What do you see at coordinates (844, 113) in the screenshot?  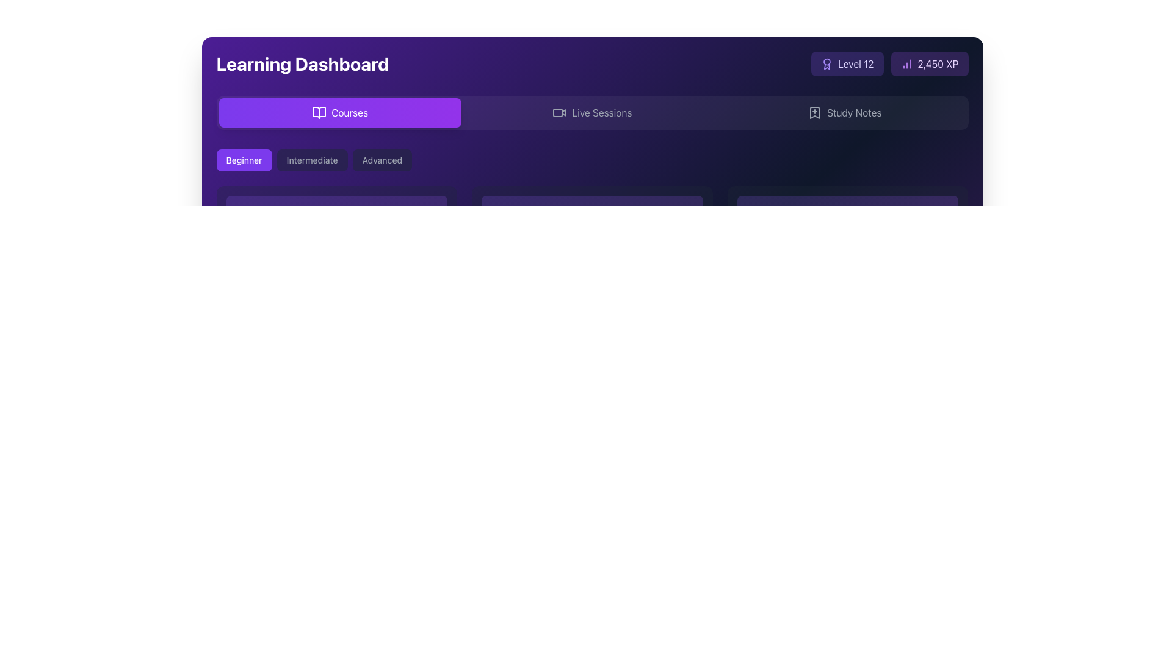 I see `the 'Study Notes' button, which is a rectangular clickable item with a dark background and rounded corners, featuring a gray text label and a bookmark-shaped icon aligned horizontally to the left of the text` at bounding box center [844, 113].